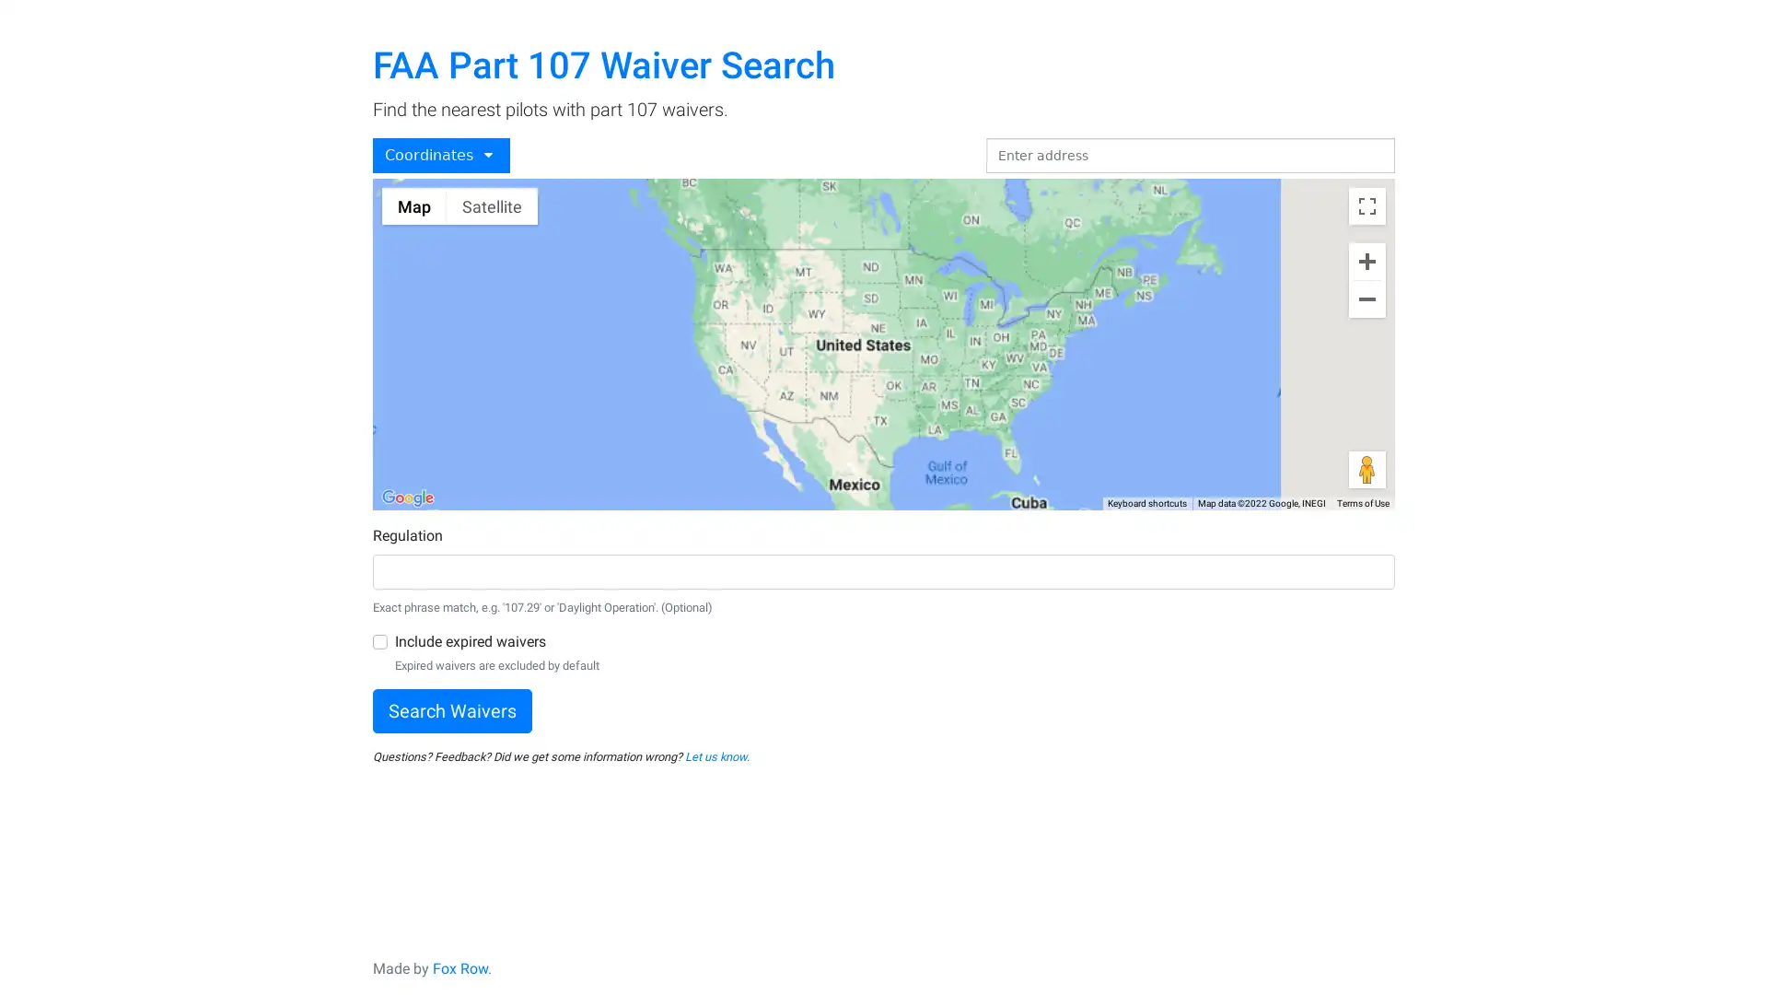 This screenshot has width=1768, height=995. What do you see at coordinates (1367, 262) in the screenshot?
I see `Zoom in` at bounding box center [1367, 262].